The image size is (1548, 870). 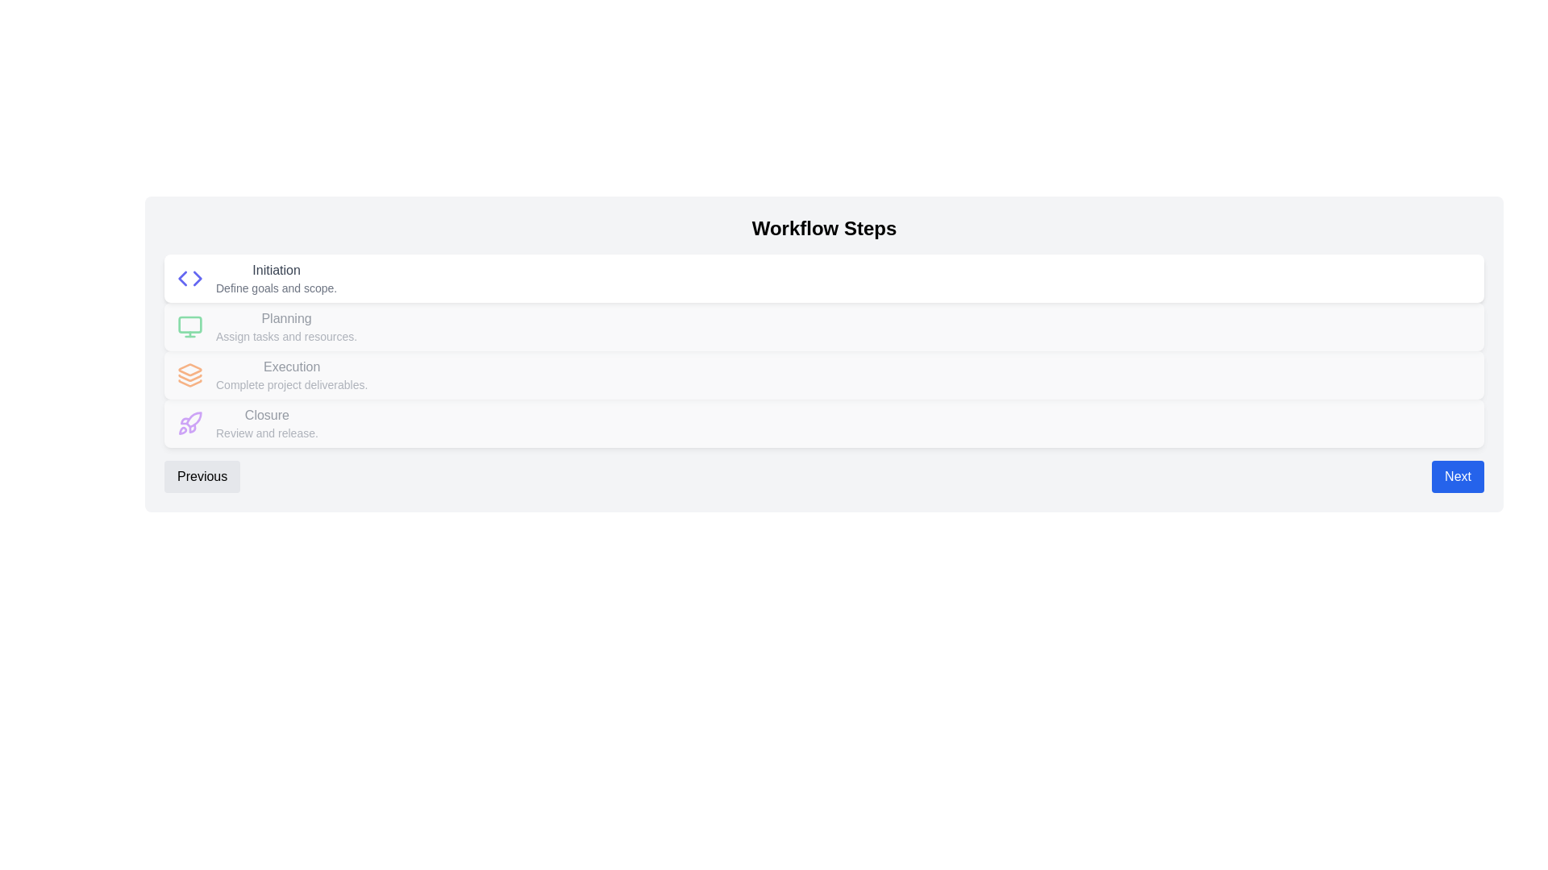 What do you see at coordinates (286, 326) in the screenshot?
I see `the 'Planning' informational text block to navigate to adjacent workflow steps, specifically the 'Initiation' above and 'Execution' below it` at bounding box center [286, 326].